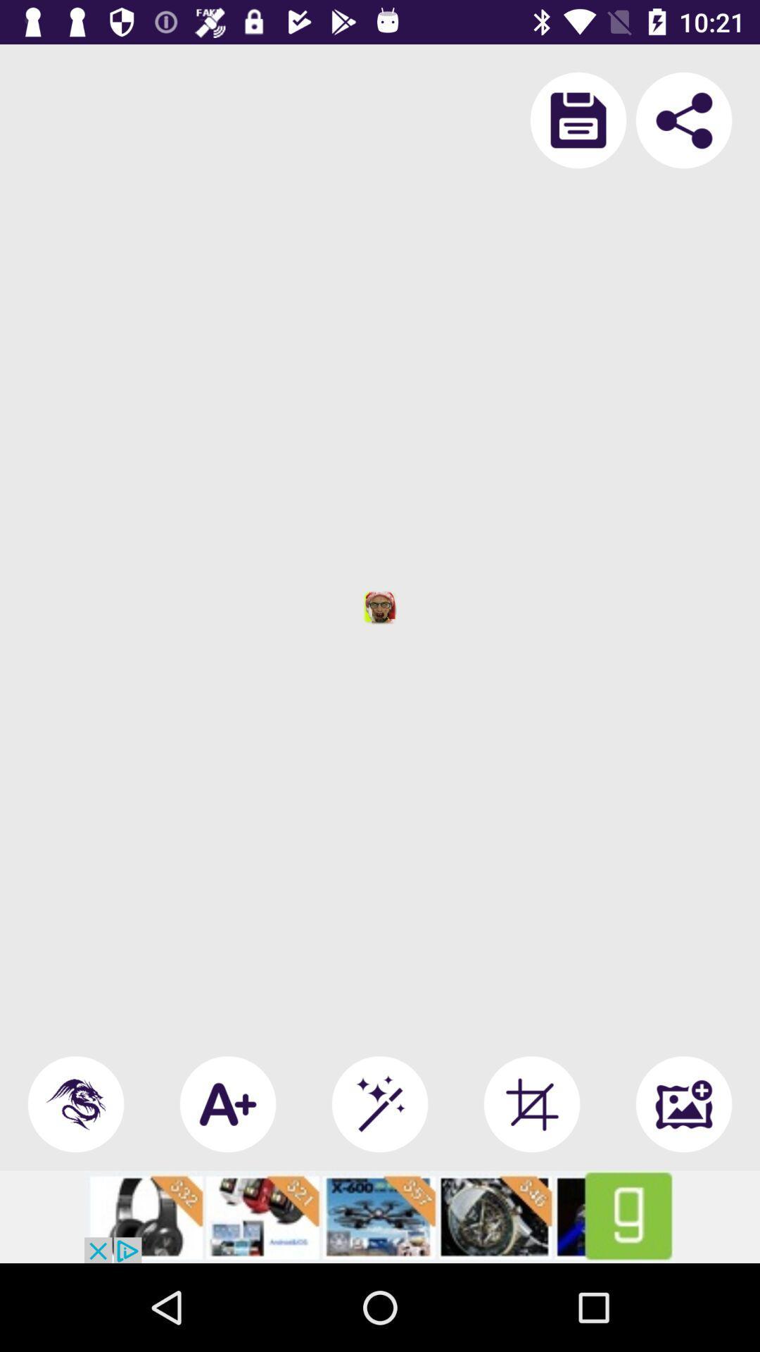  I want to click on advertisement, so click(380, 1216).